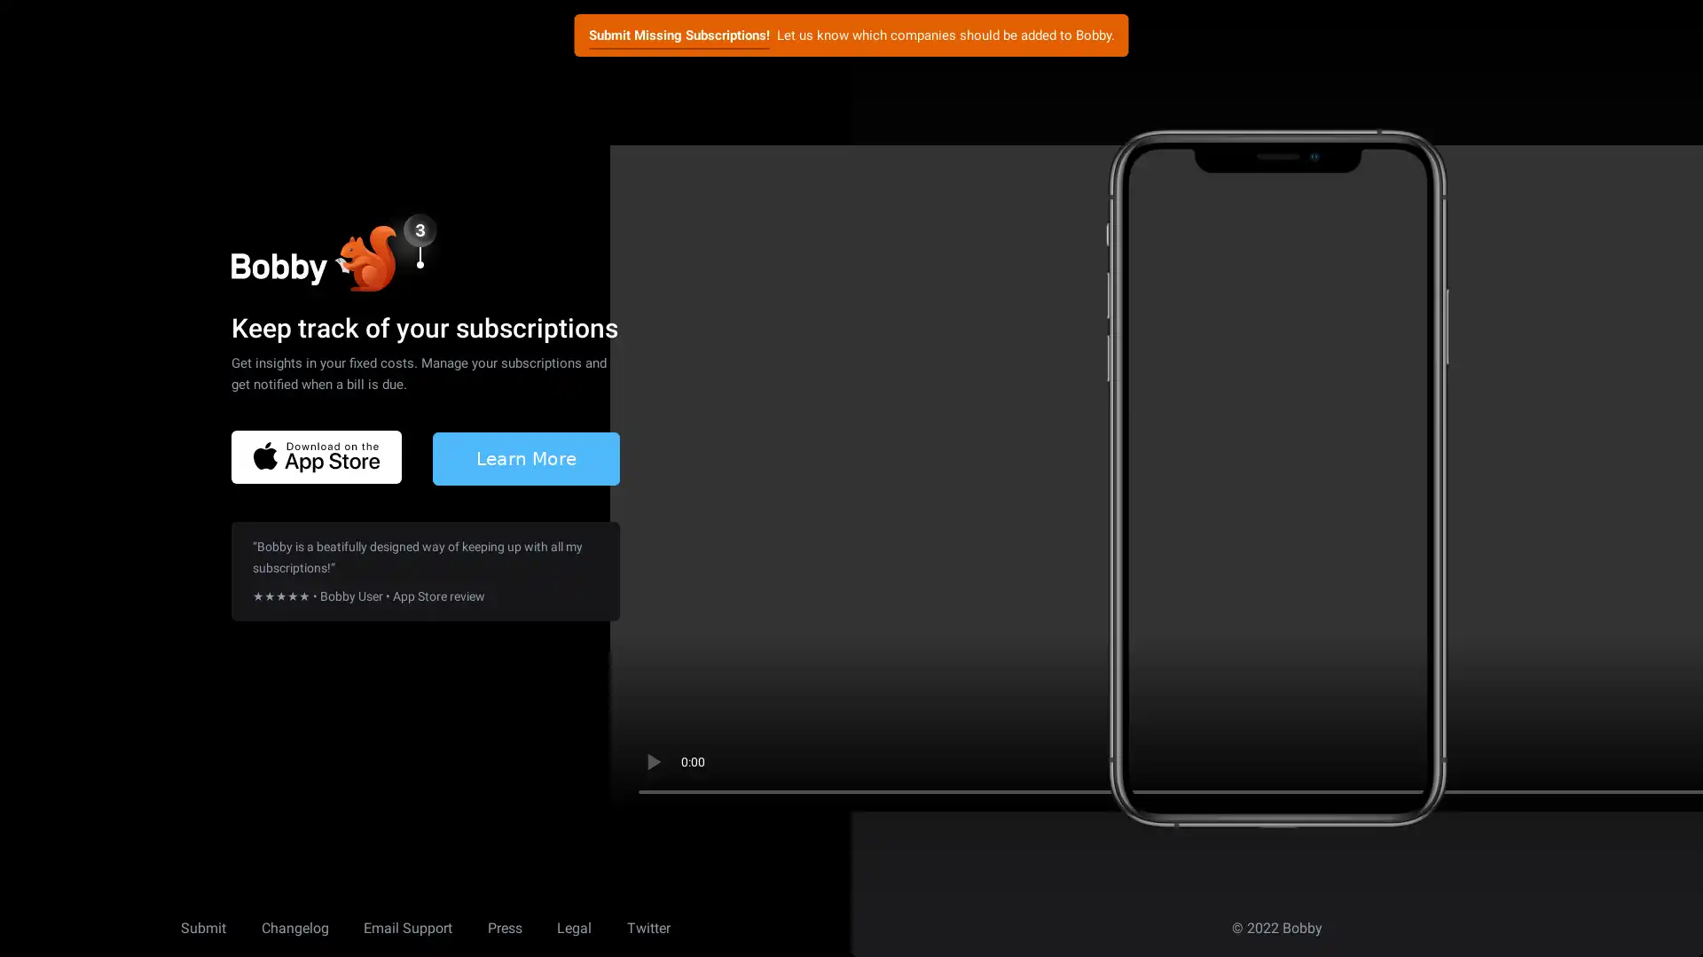 This screenshot has height=957, width=1703. What do you see at coordinates (1660, 761) in the screenshot?
I see `show more media controls` at bounding box center [1660, 761].